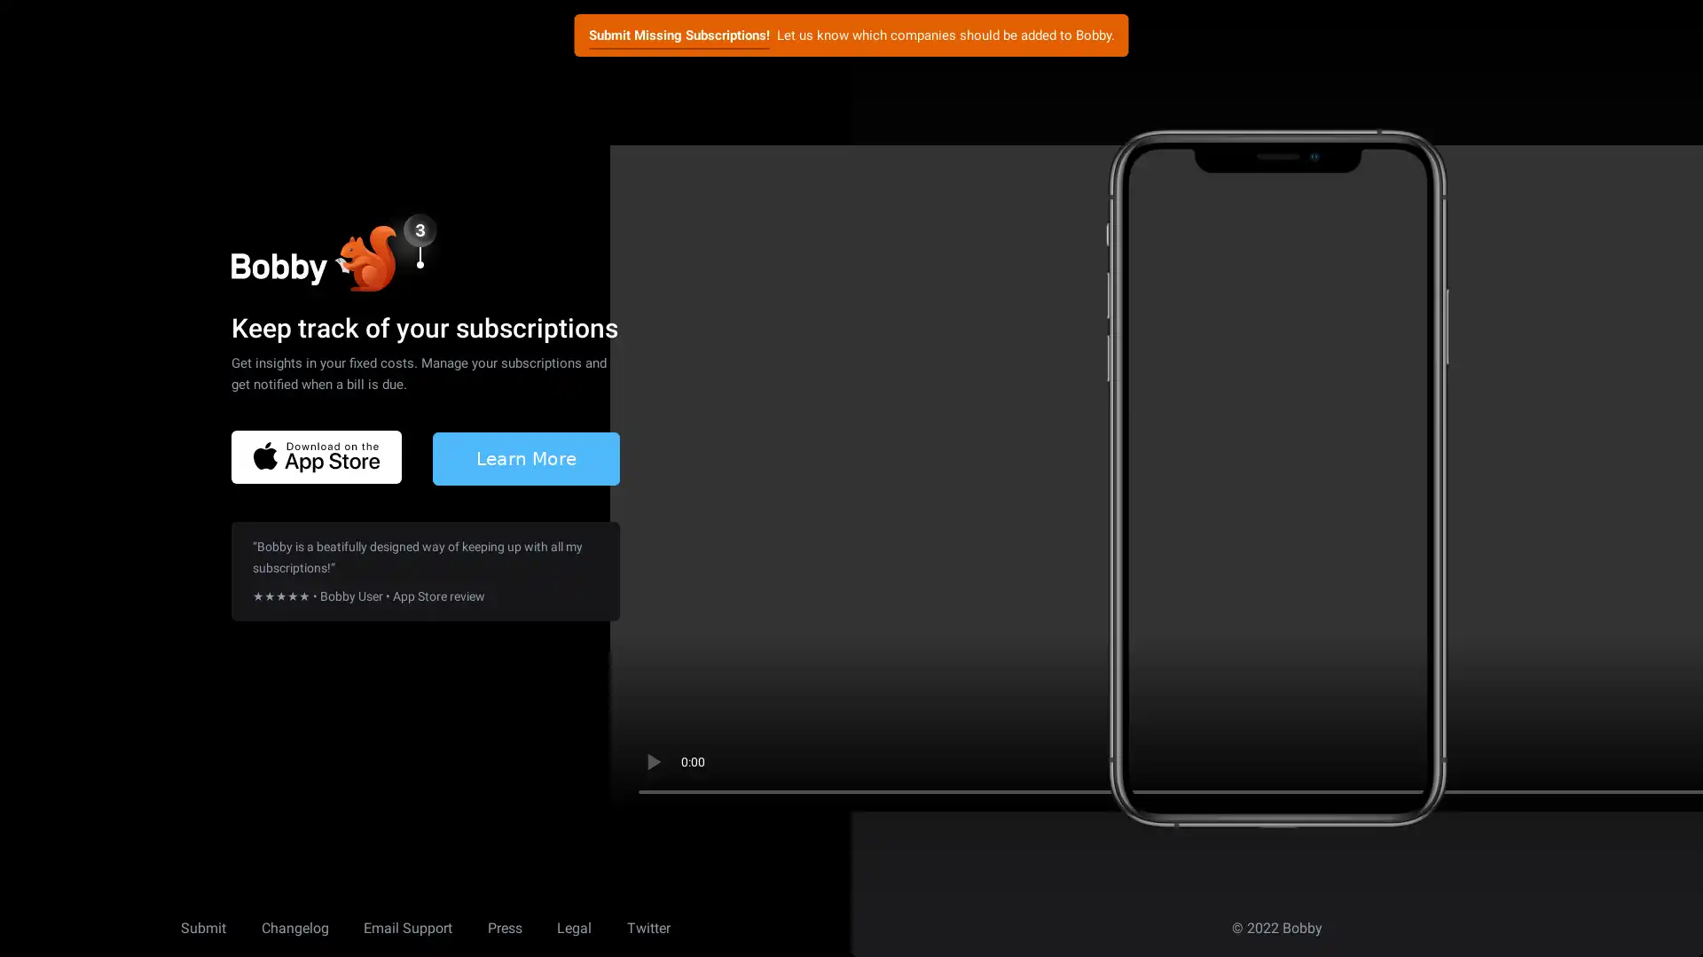 This screenshot has height=957, width=1703. What do you see at coordinates (1660, 761) in the screenshot?
I see `show more media controls` at bounding box center [1660, 761].